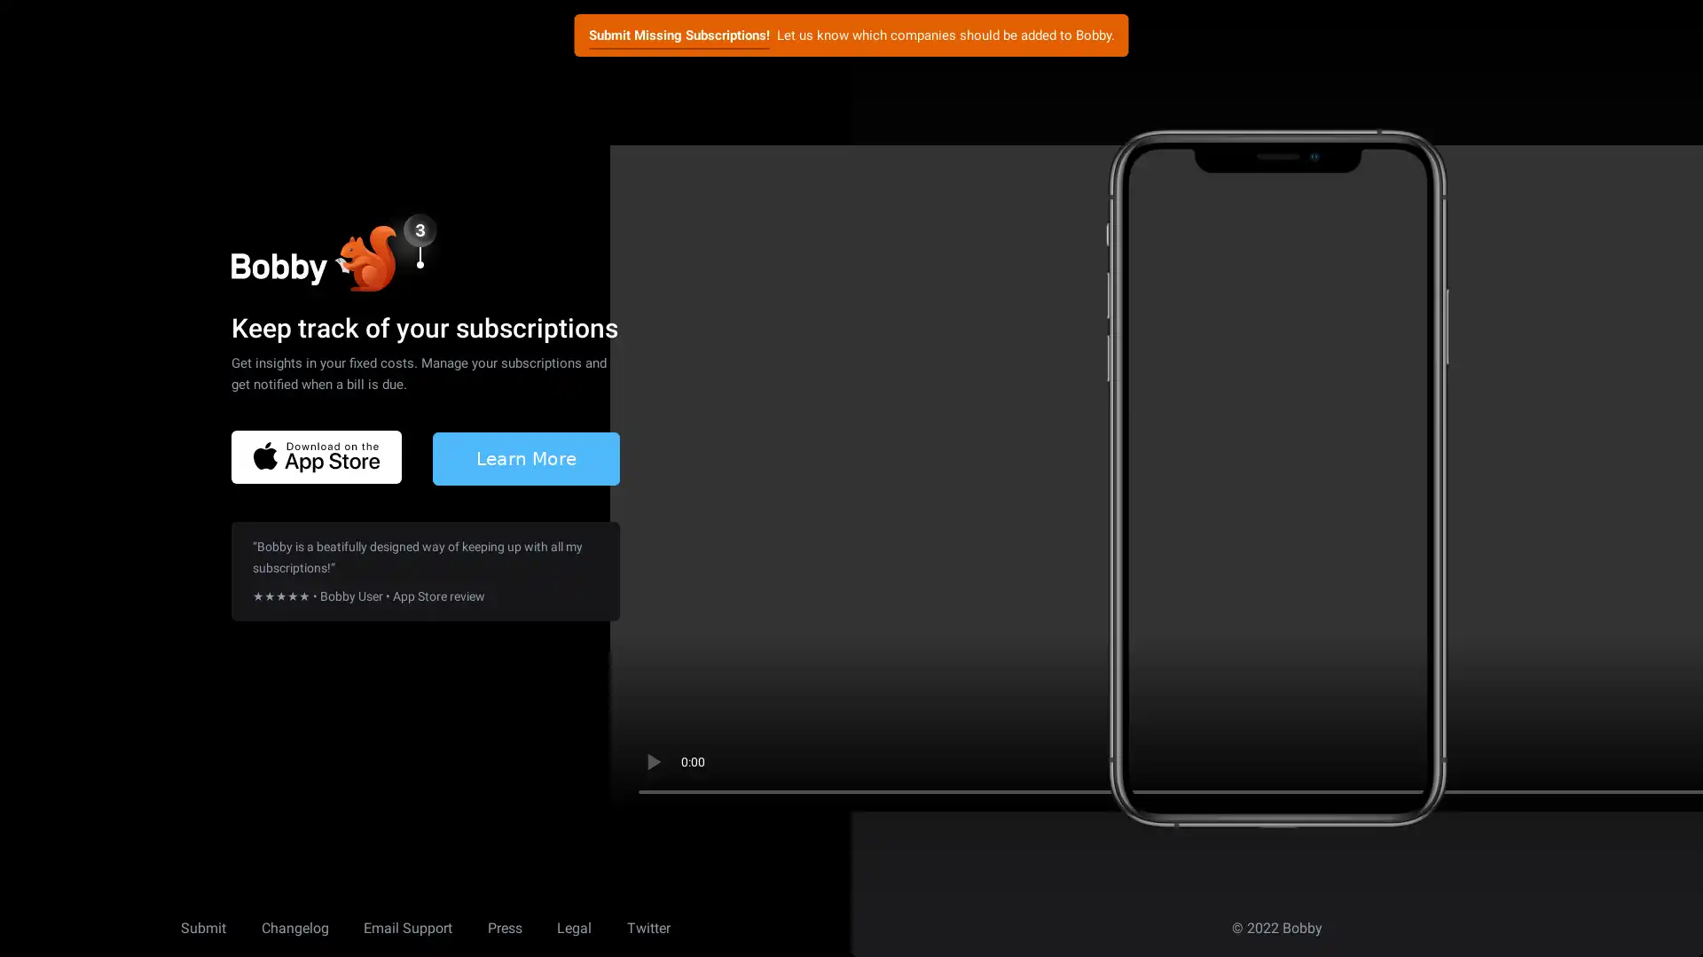 This screenshot has height=957, width=1703. What do you see at coordinates (1660, 761) in the screenshot?
I see `show more media controls` at bounding box center [1660, 761].